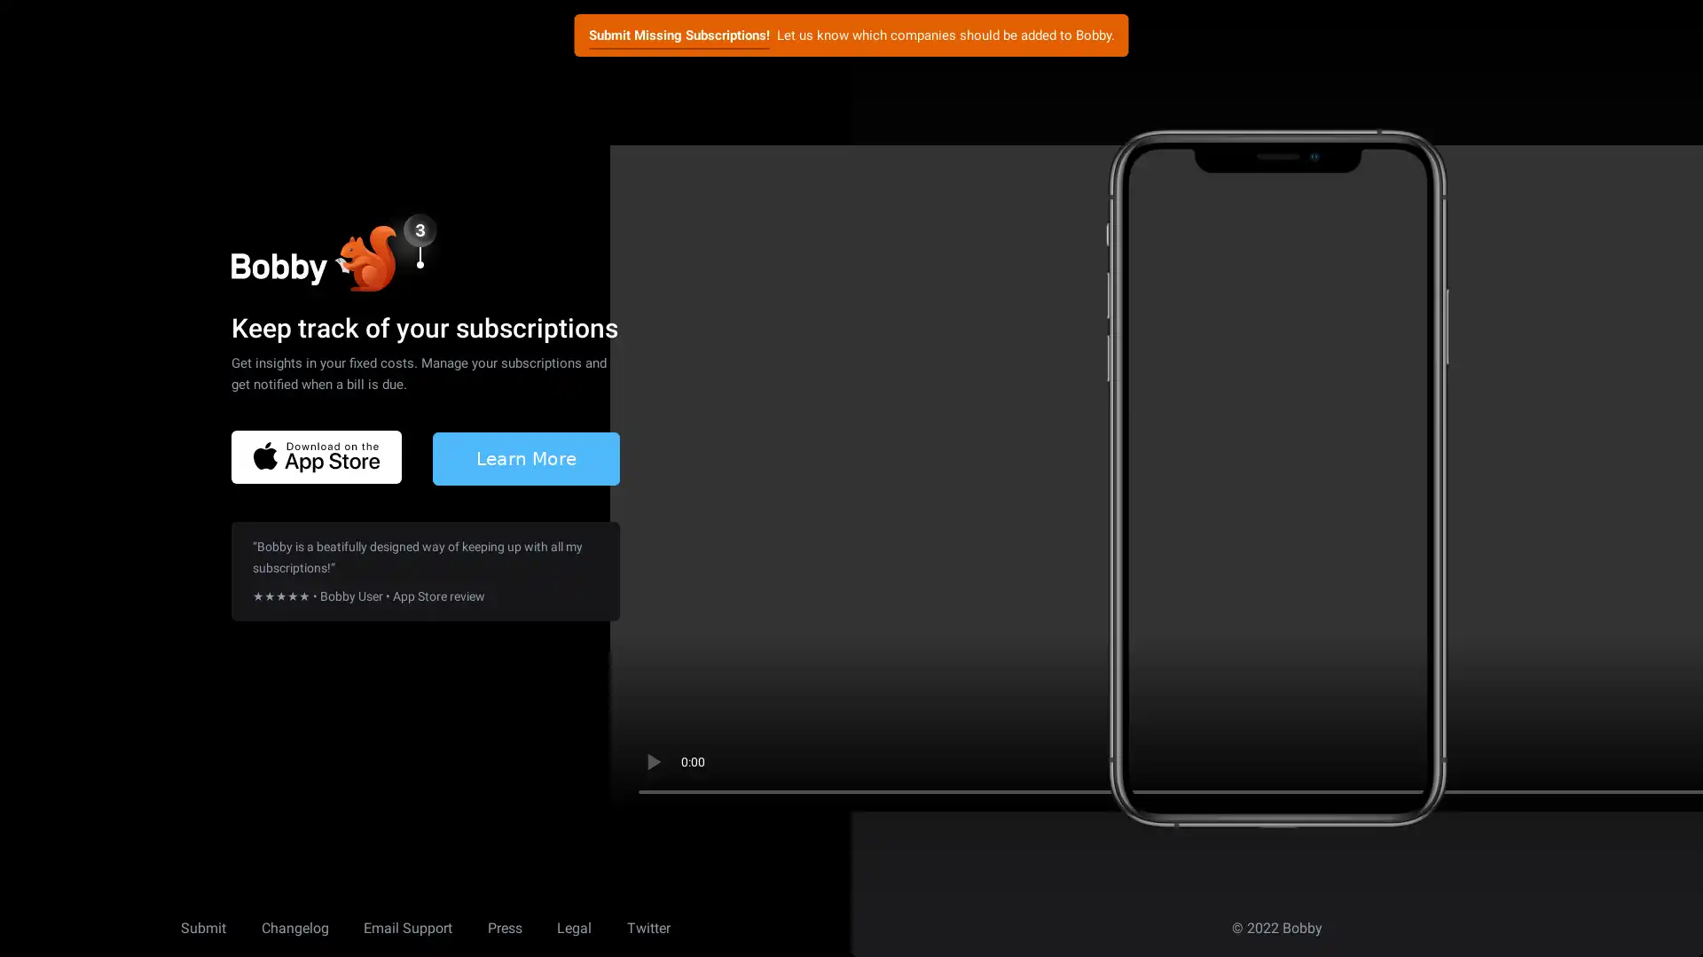 This screenshot has height=957, width=1703. What do you see at coordinates (1660, 761) in the screenshot?
I see `show more media controls` at bounding box center [1660, 761].